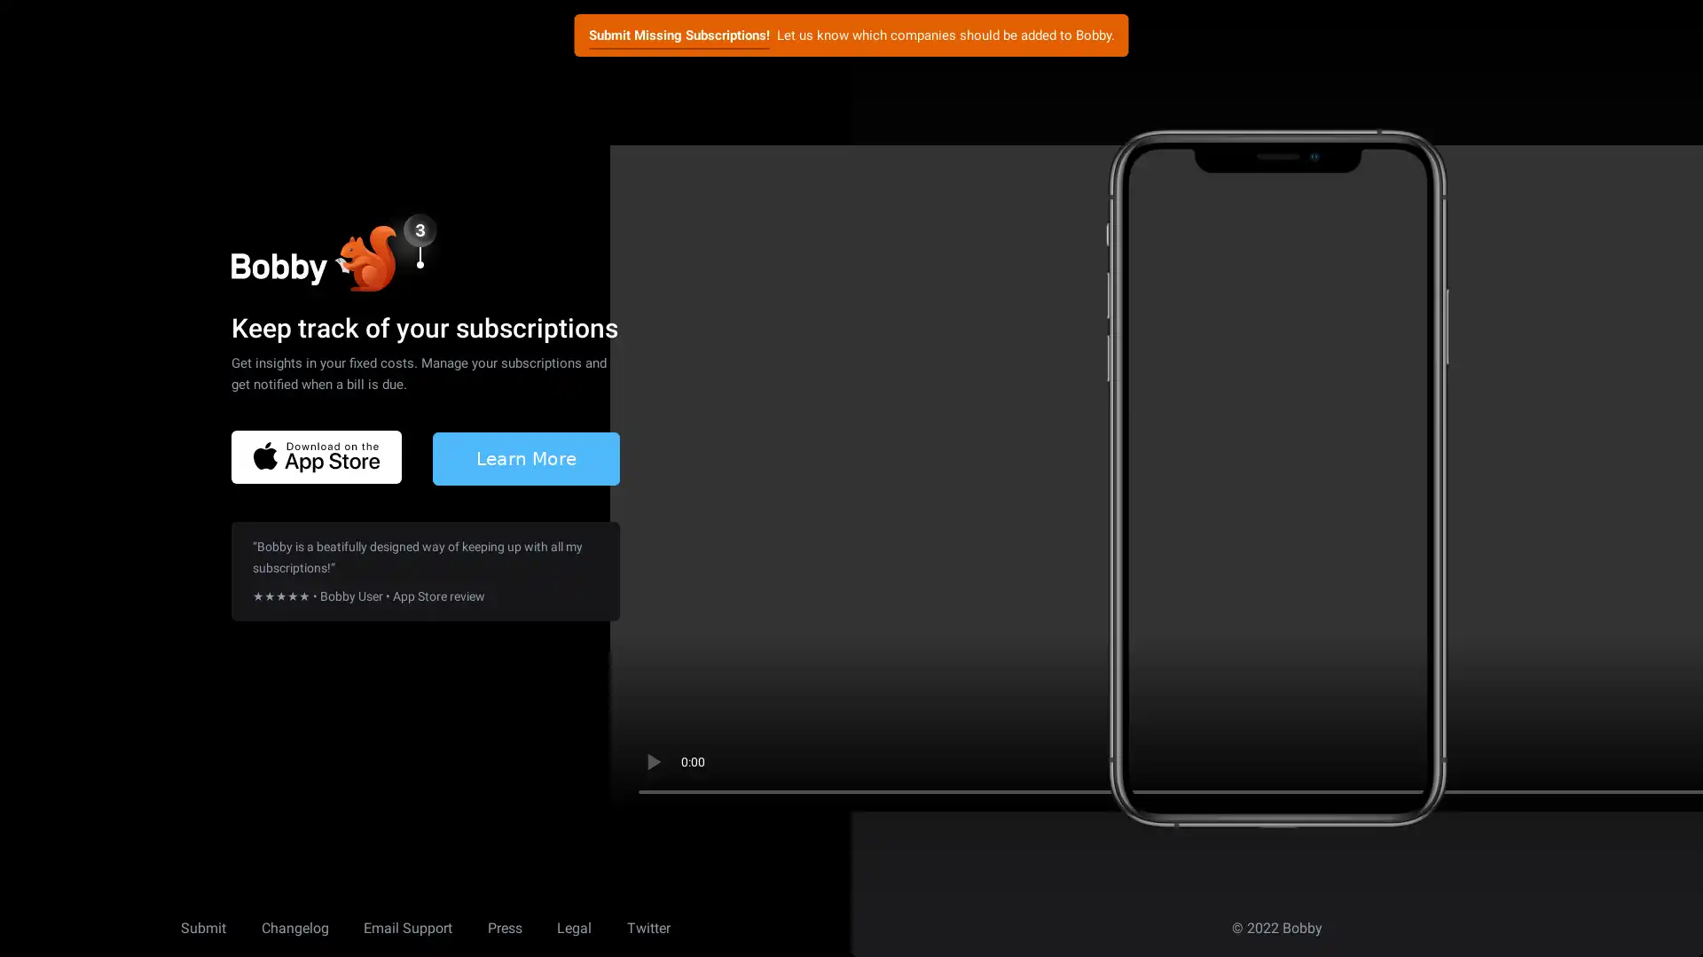 This screenshot has height=957, width=1703. What do you see at coordinates (1660, 761) in the screenshot?
I see `show more media controls` at bounding box center [1660, 761].